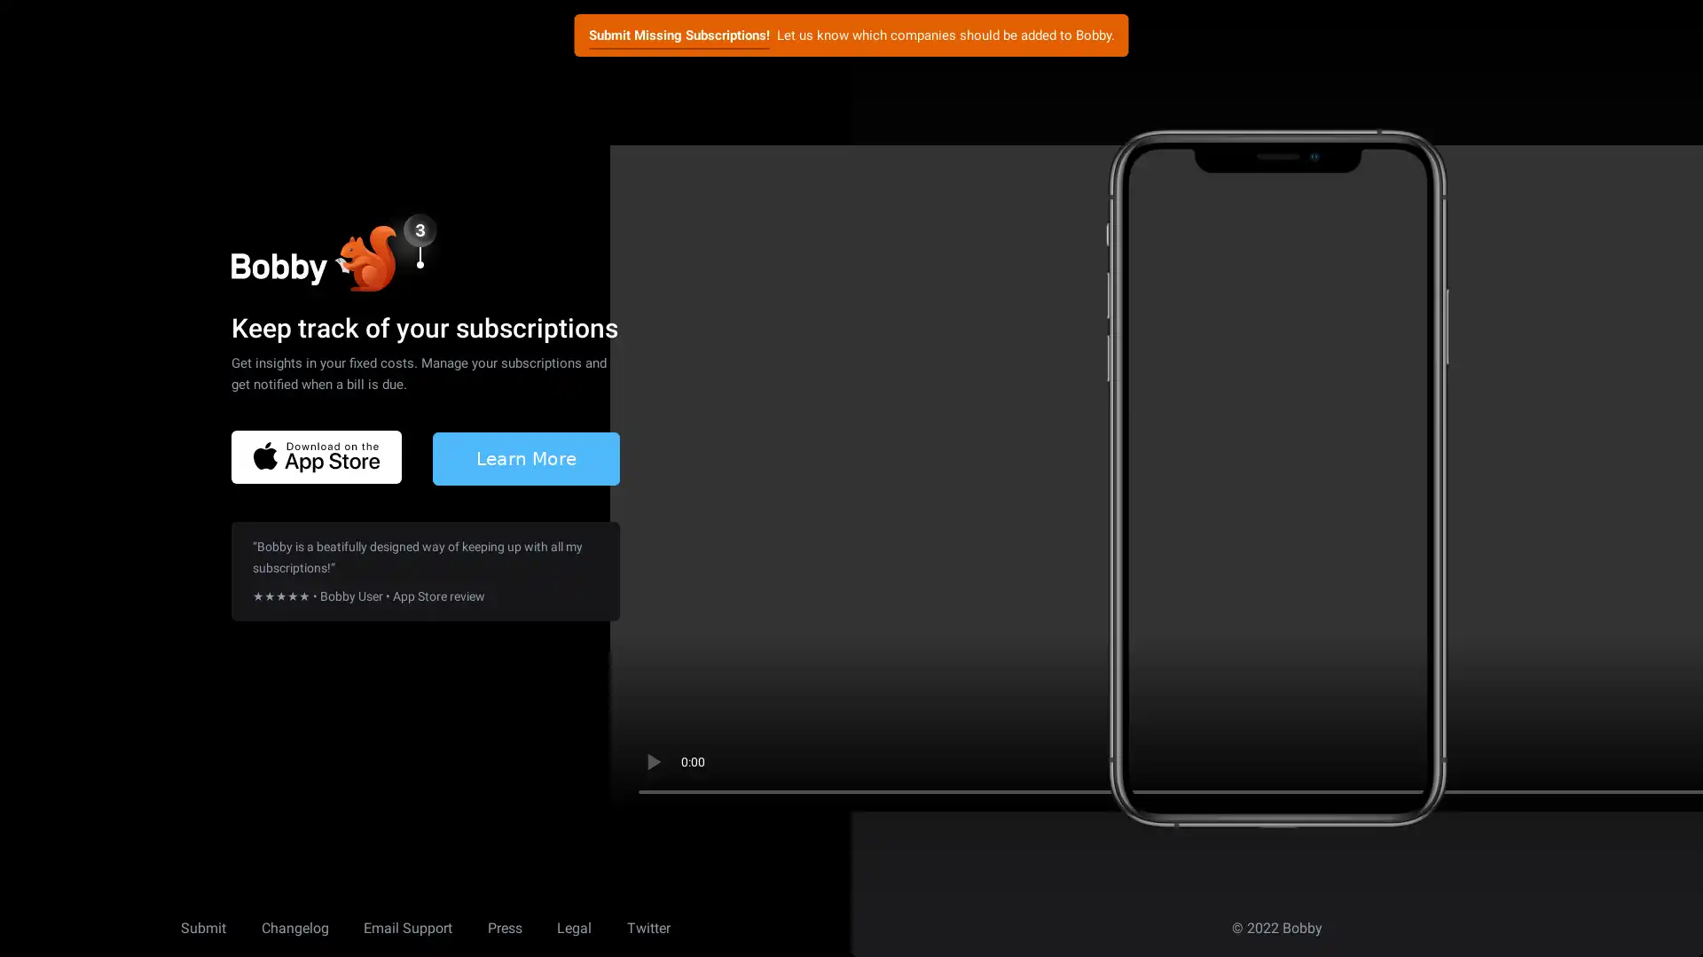 This screenshot has height=957, width=1703. What do you see at coordinates (1660, 761) in the screenshot?
I see `show more media controls` at bounding box center [1660, 761].